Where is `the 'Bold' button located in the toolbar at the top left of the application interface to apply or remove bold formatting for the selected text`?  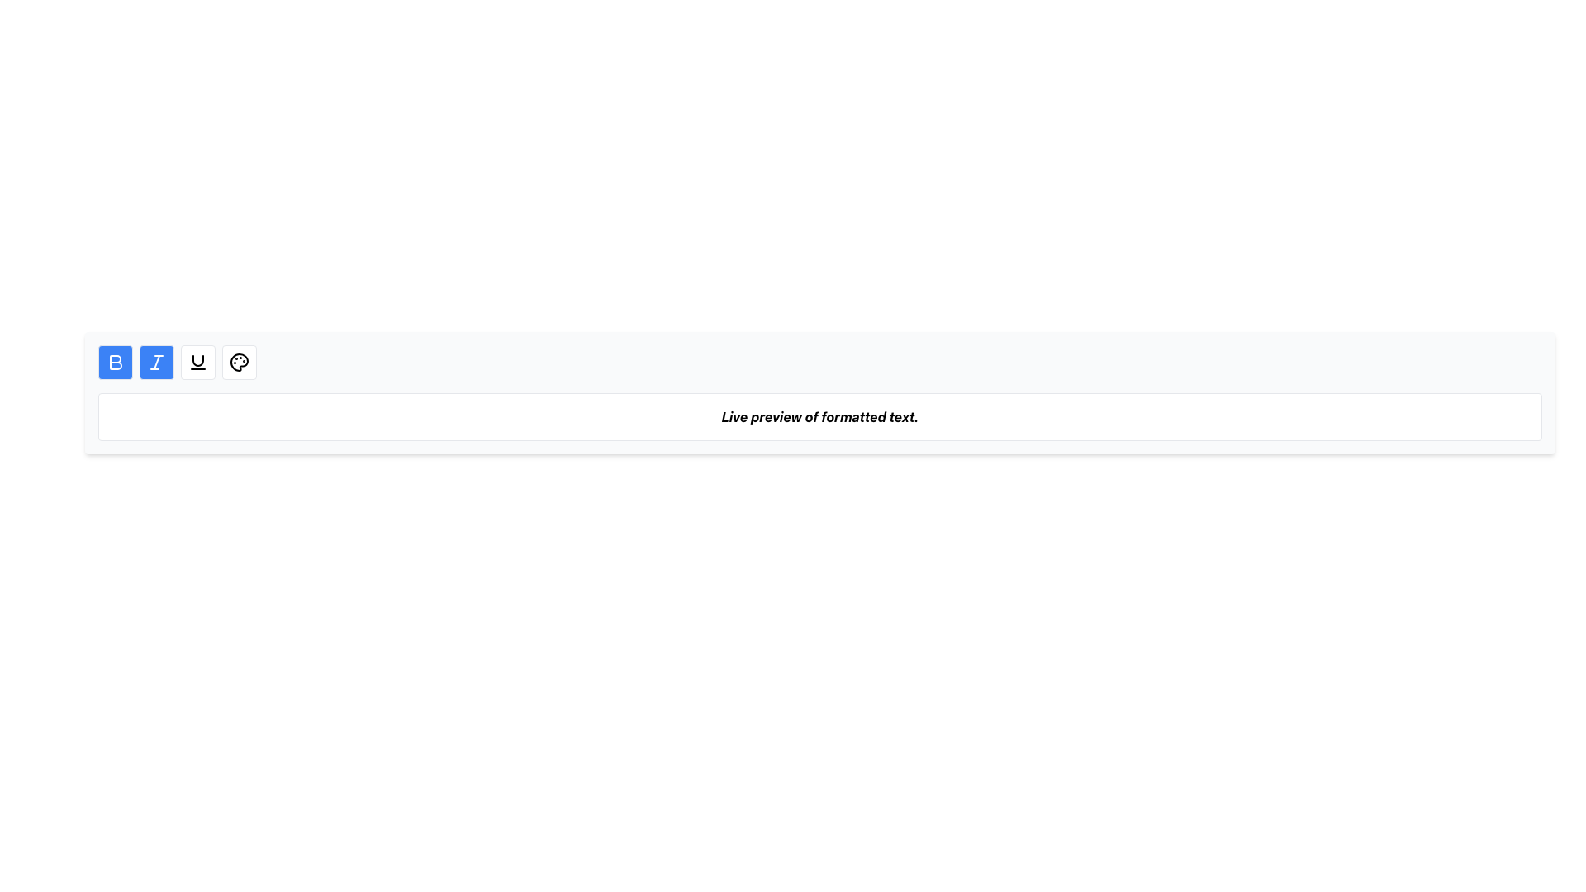 the 'Bold' button located in the toolbar at the top left of the application interface to apply or remove bold formatting for the selected text is located at coordinates (114, 362).